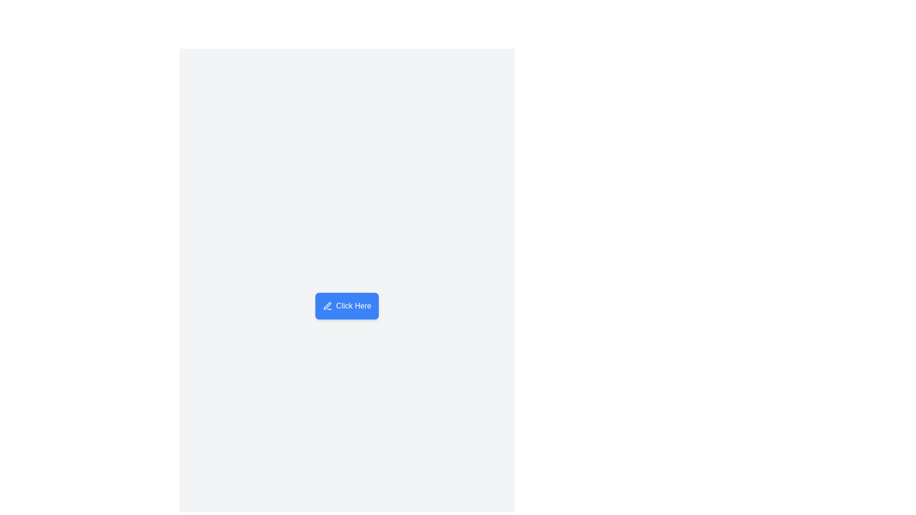 The width and height of the screenshot is (916, 515). What do you see at coordinates (327, 306) in the screenshot?
I see `the pen icon located at the left end of the 'Click Here' button, which has a light outline and no fill` at bounding box center [327, 306].